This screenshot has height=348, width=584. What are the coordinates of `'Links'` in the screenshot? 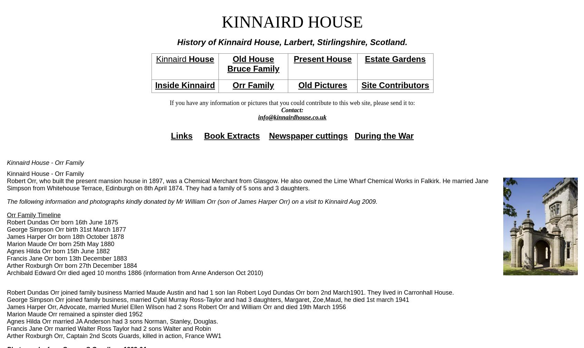 It's located at (182, 135).